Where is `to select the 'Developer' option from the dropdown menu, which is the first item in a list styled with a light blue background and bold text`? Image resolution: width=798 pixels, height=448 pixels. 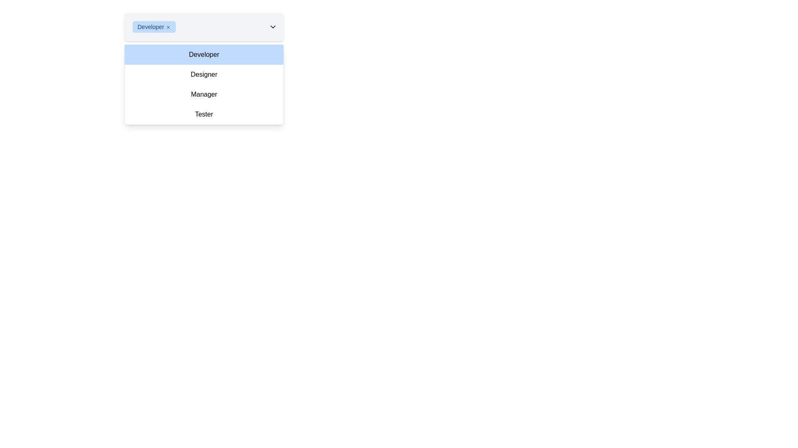
to select the 'Developer' option from the dropdown menu, which is the first item in a list styled with a light blue background and bold text is located at coordinates (204, 54).